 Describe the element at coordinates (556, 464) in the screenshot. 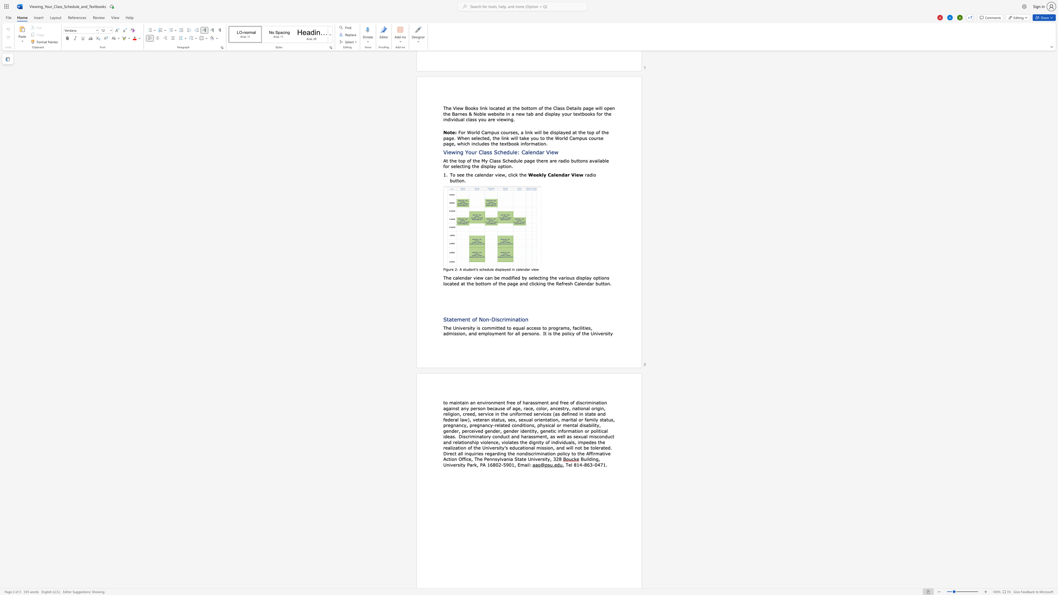

I see `the space between the continuous character "e" and "d" in the text` at that location.